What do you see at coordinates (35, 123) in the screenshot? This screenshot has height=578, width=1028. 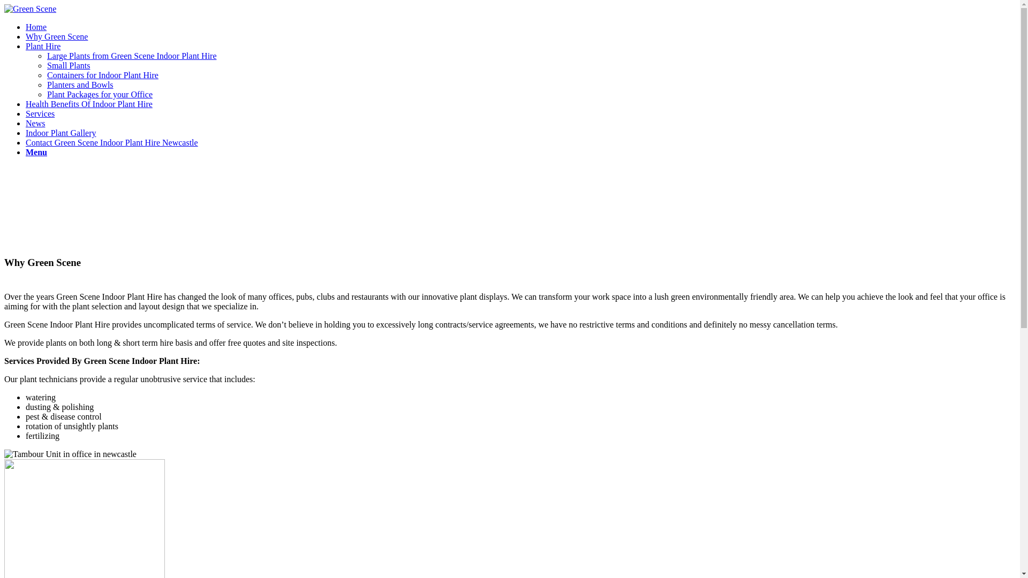 I see `'News'` at bounding box center [35, 123].